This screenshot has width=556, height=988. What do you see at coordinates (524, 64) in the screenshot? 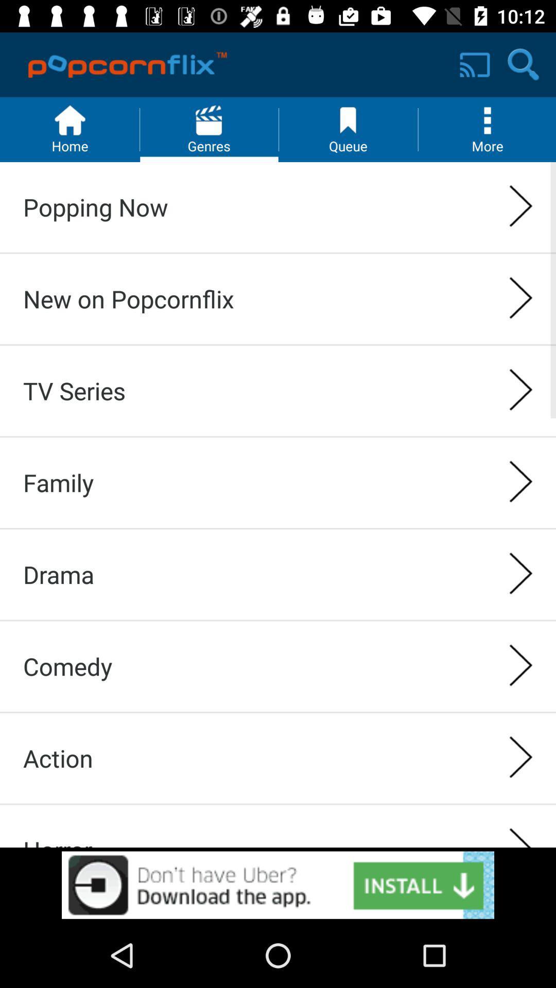
I see `the search icon` at bounding box center [524, 64].